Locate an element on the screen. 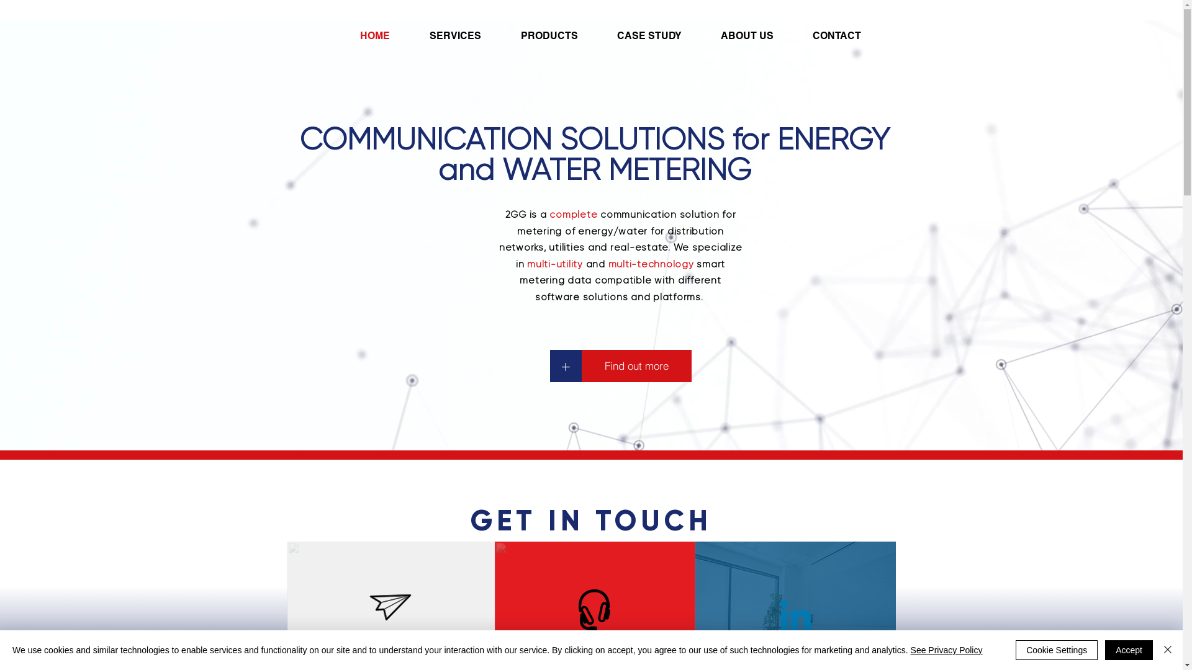 This screenshot has height=670, width=1192. 'CASE STUDY' is located at coordinates (658, 35).